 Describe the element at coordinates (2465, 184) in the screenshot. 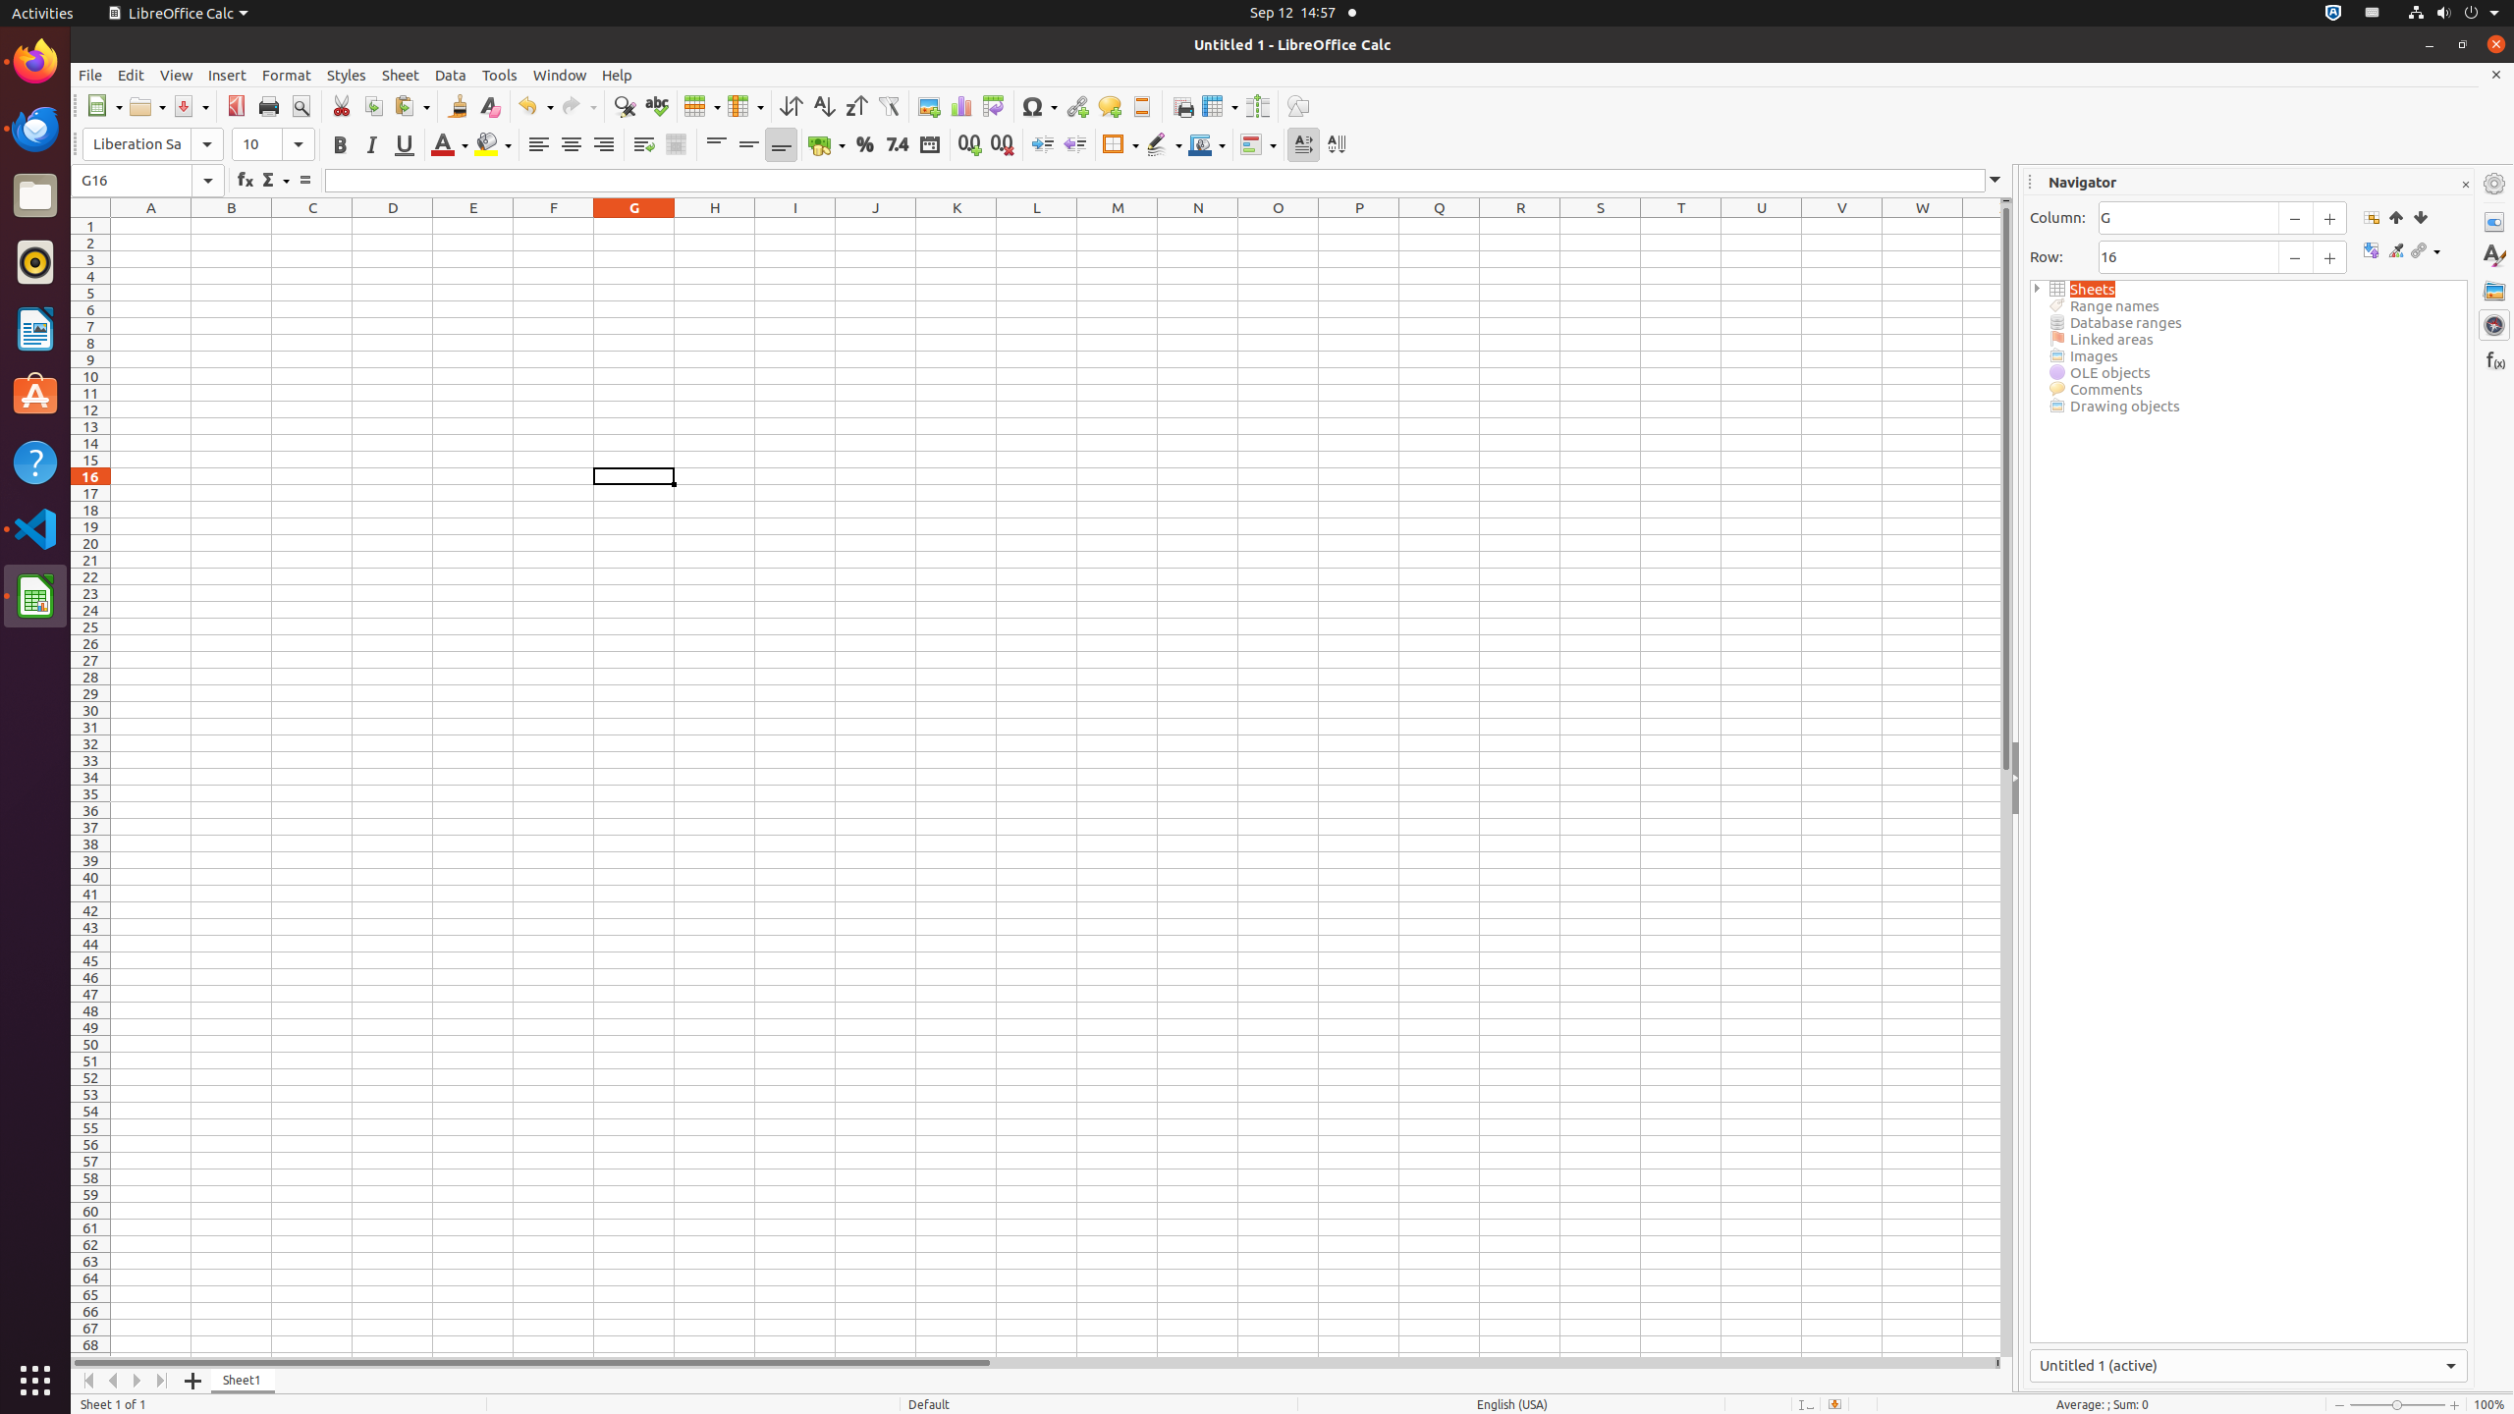

I see `'Close Sidebar Deck'` at that location.